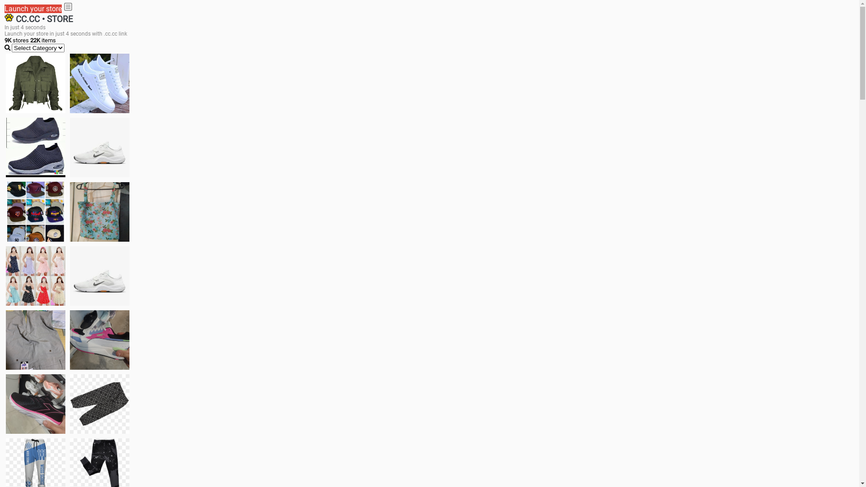  I want to click on 'Dress/square nect top', so click(35, 276).